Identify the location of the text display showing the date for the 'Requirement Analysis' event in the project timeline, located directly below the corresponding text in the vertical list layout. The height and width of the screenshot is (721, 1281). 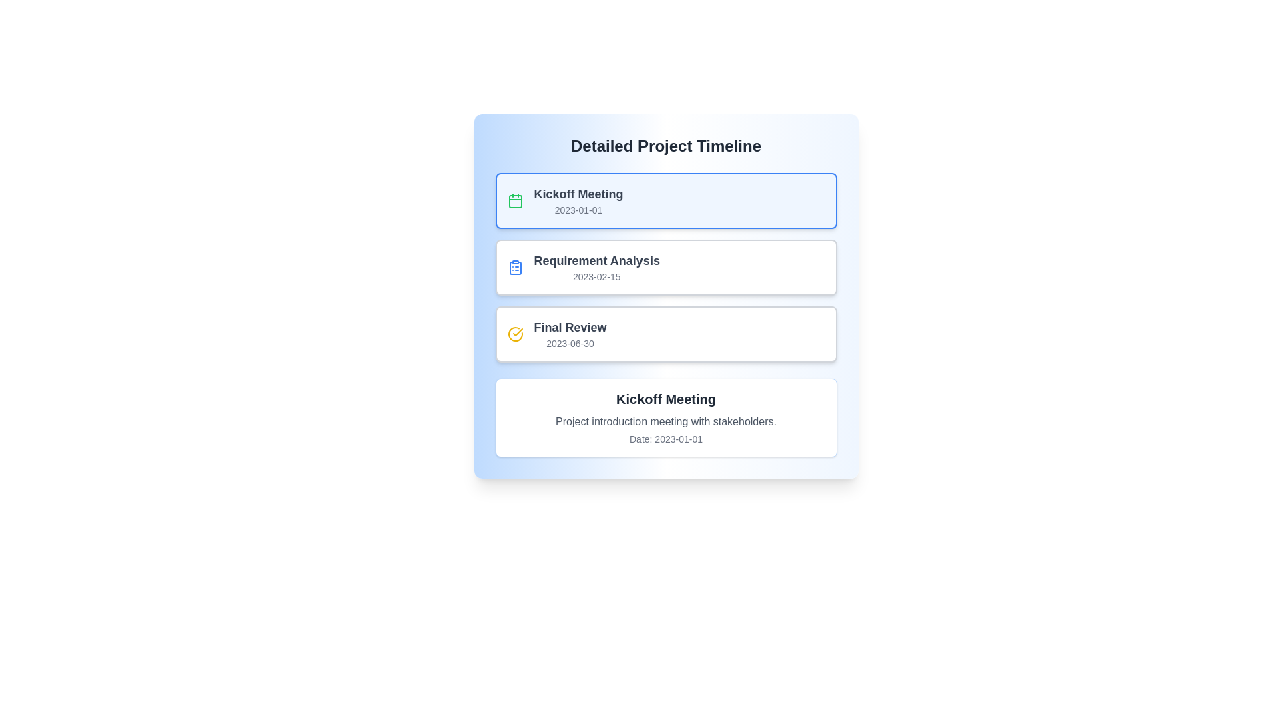
(596, 276).